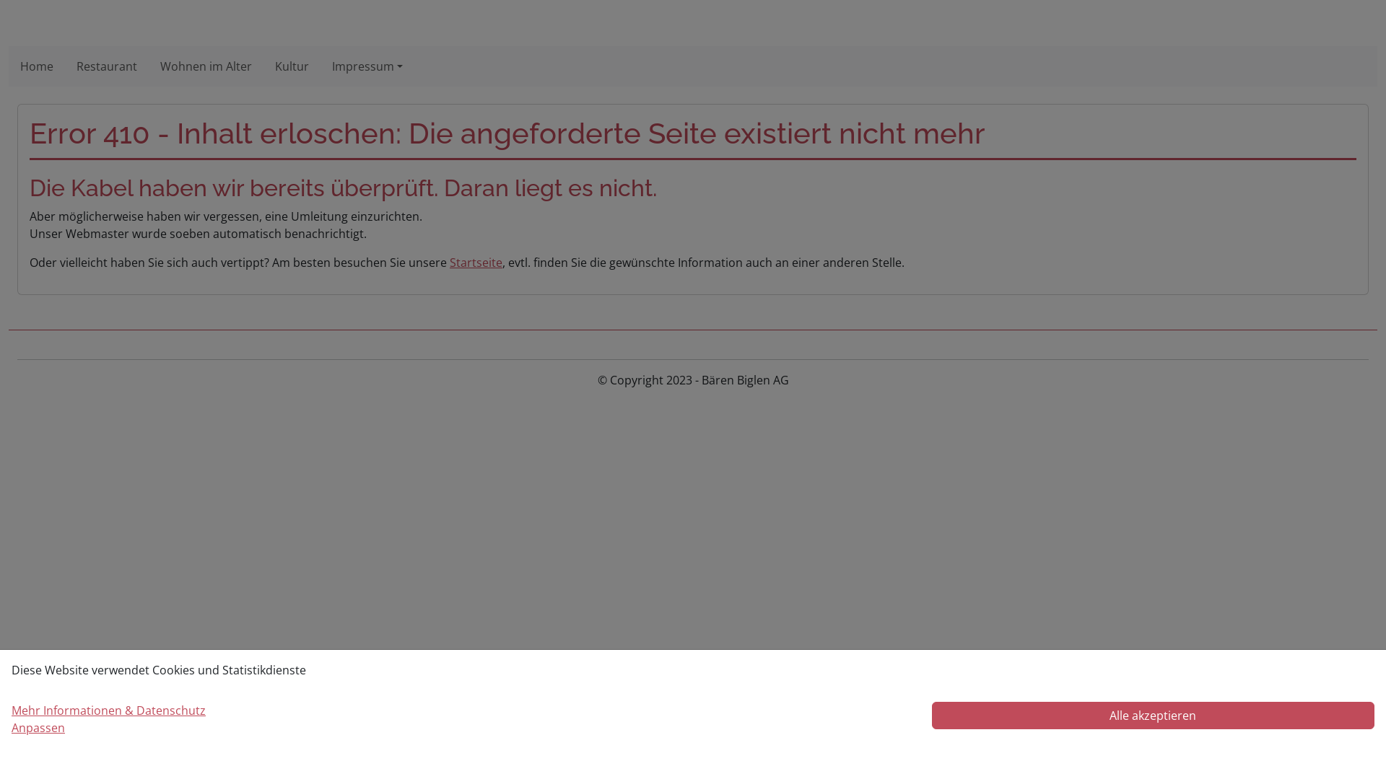  I want to click on 'Wohnen im Alter', so click(205, 66).